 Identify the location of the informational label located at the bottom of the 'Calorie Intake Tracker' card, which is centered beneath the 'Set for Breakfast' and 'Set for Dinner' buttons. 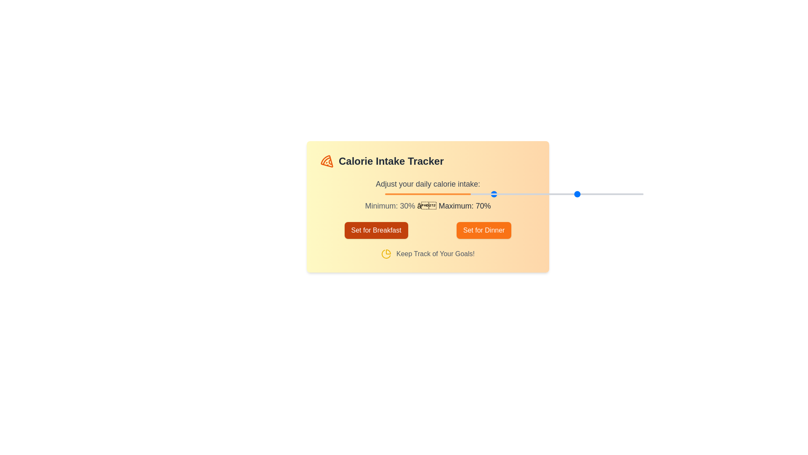
(428, 253).